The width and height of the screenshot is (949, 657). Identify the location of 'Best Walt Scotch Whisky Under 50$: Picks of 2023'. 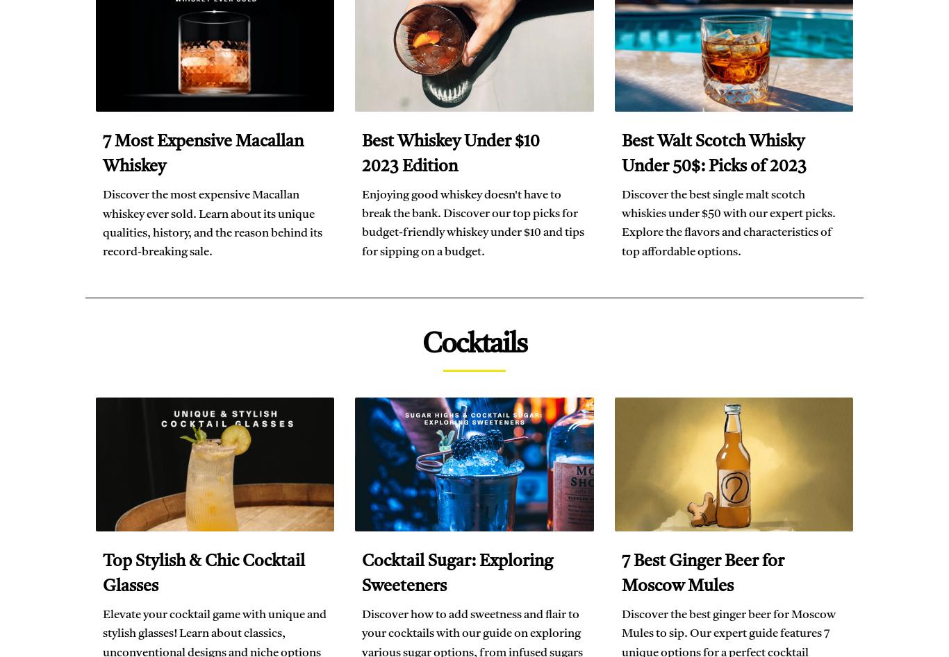
(620, 155).